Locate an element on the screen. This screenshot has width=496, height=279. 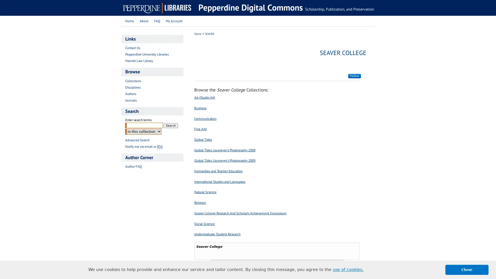
Search is located at coordinates (171, 125).